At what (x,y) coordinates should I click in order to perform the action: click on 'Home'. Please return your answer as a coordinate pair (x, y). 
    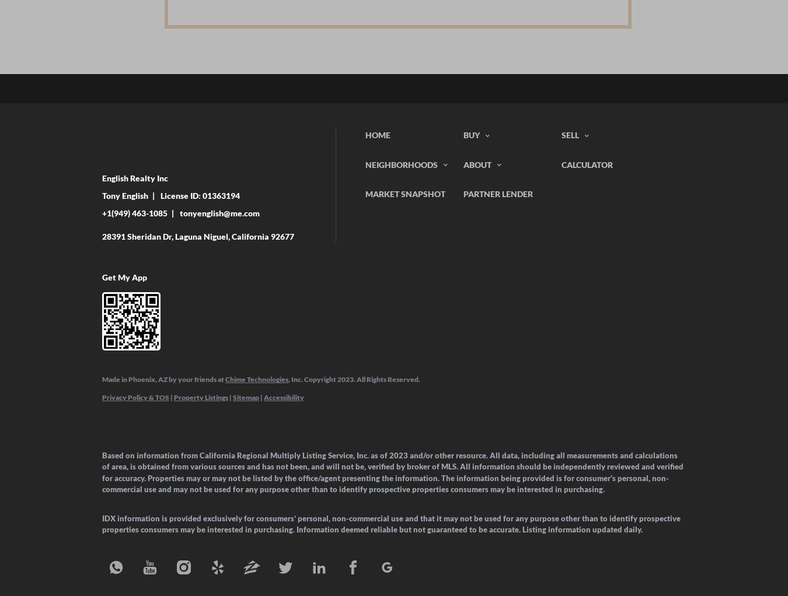
    Looking at the image, I should click on (378, 134).